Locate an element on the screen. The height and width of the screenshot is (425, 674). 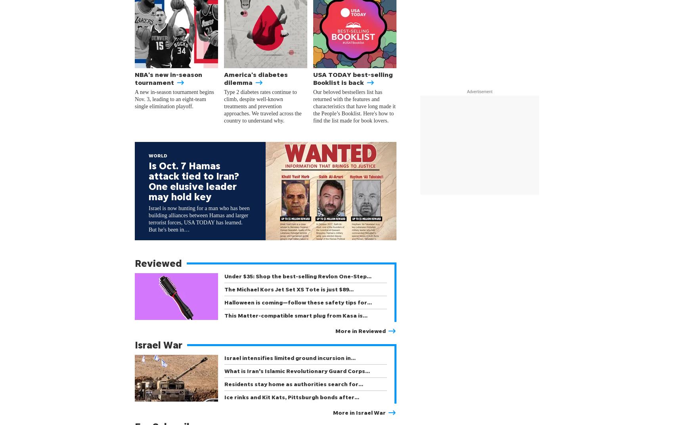
'What is Iran's Islamic Revolutionary Guard Corps…' is located at coordinates (297, 371).